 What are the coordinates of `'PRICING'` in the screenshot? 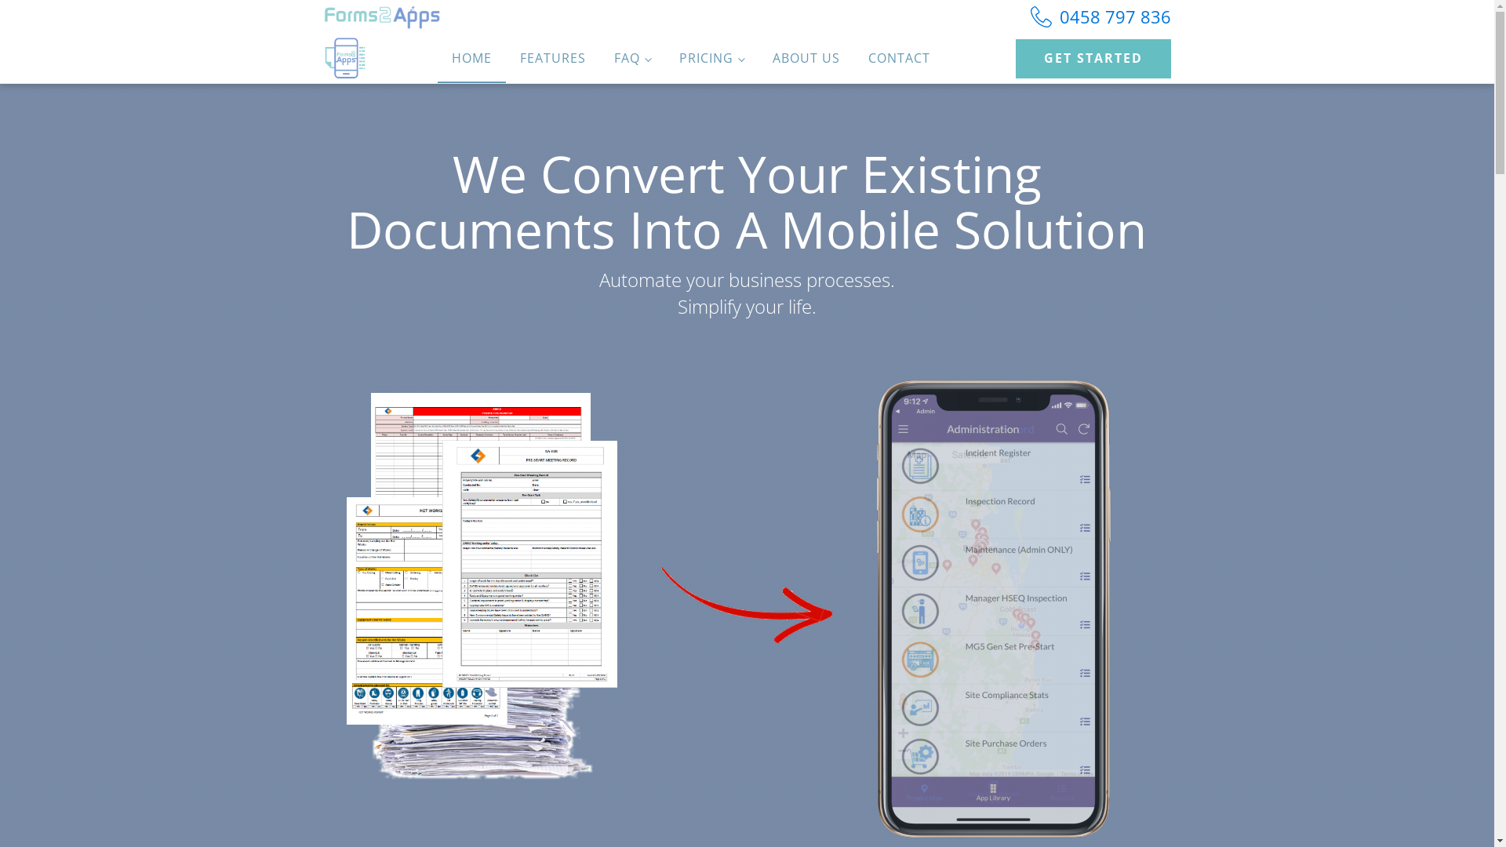 It's located at (711, 57).